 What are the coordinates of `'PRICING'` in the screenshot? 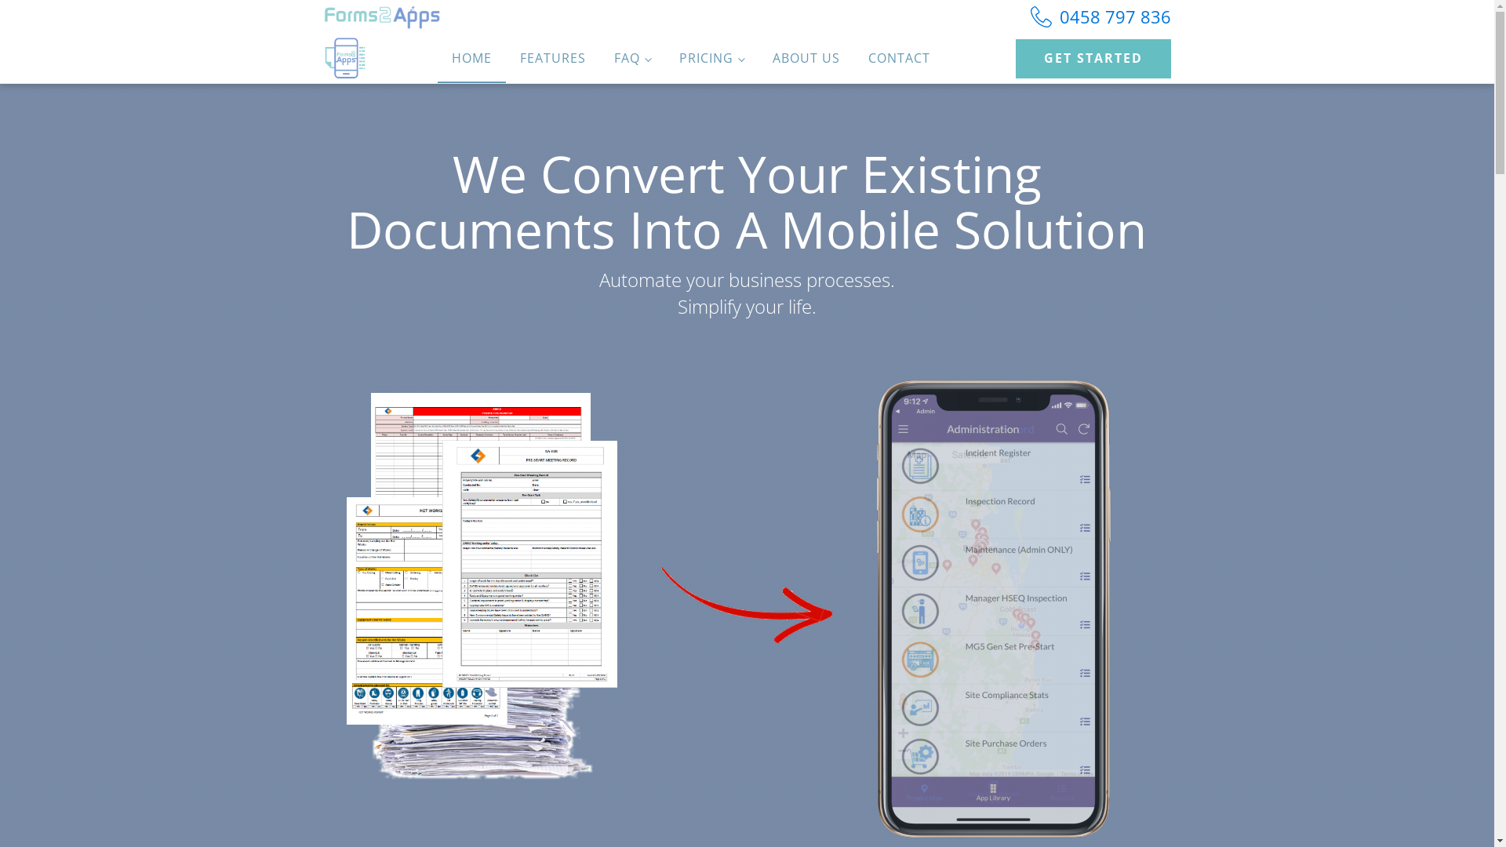 It's located at (711, 57).